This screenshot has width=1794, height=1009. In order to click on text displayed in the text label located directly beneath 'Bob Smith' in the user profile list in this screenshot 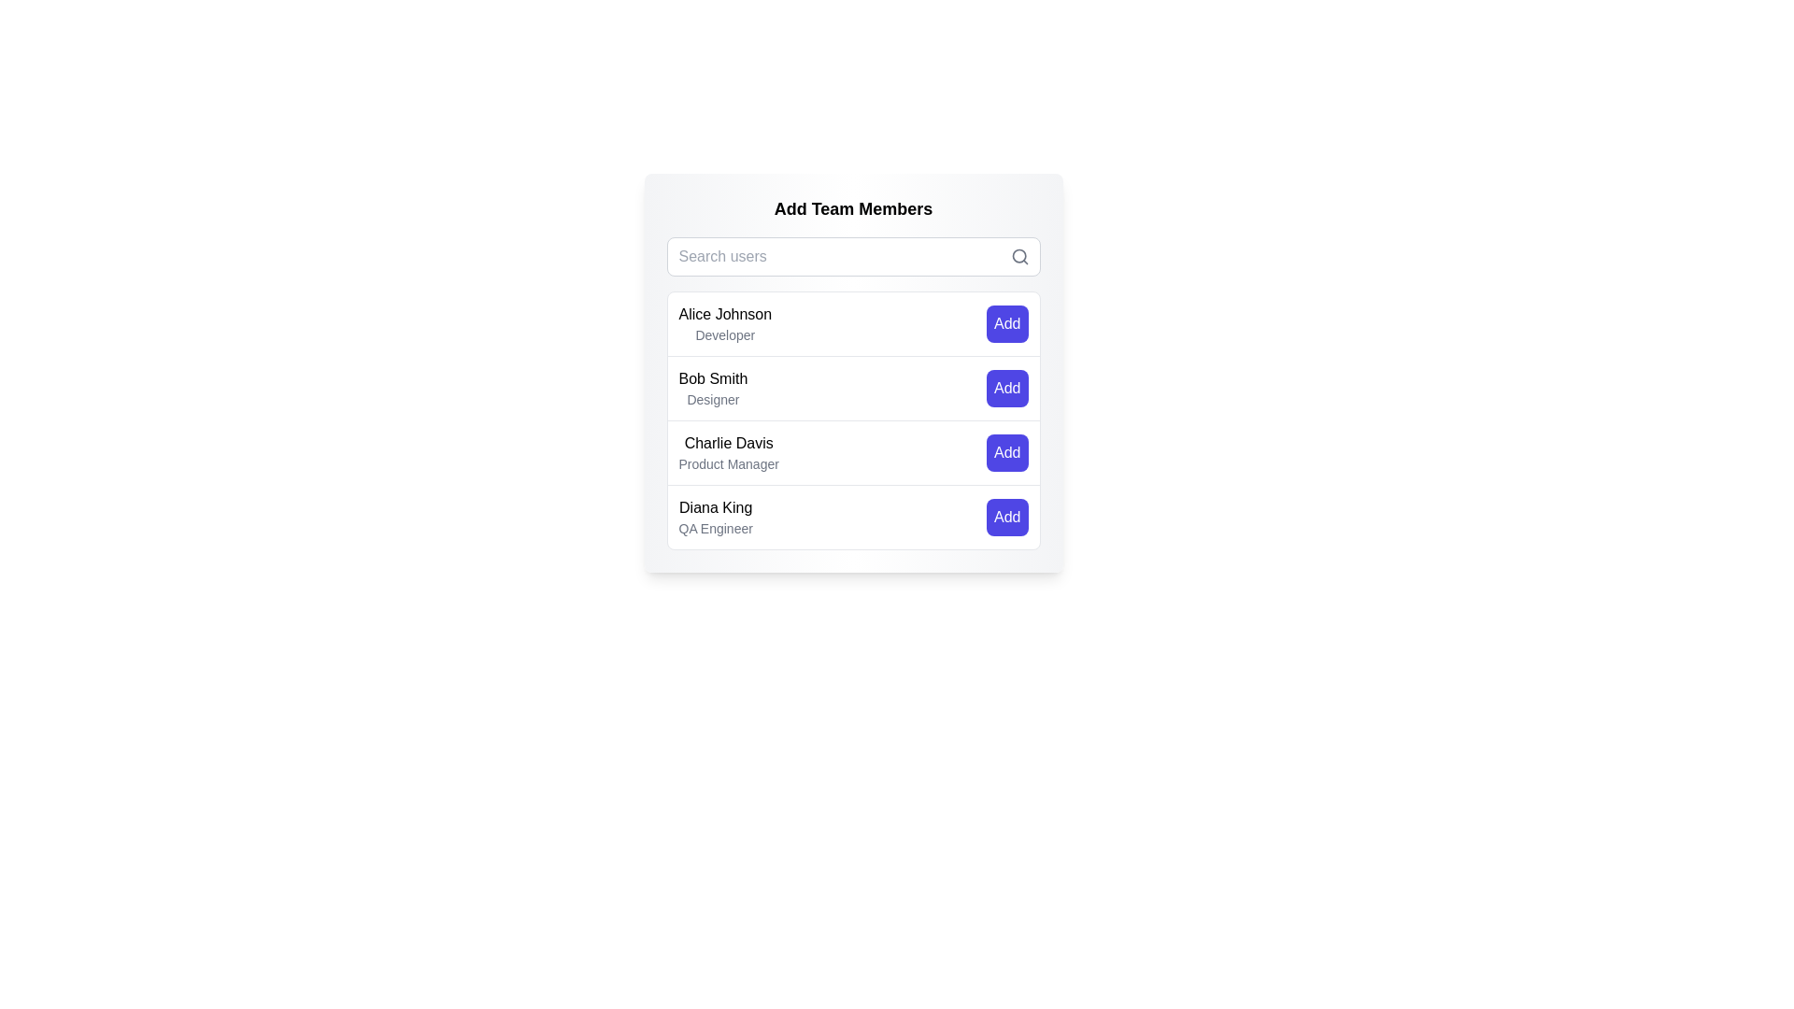, I will do `click(712, 399)`.